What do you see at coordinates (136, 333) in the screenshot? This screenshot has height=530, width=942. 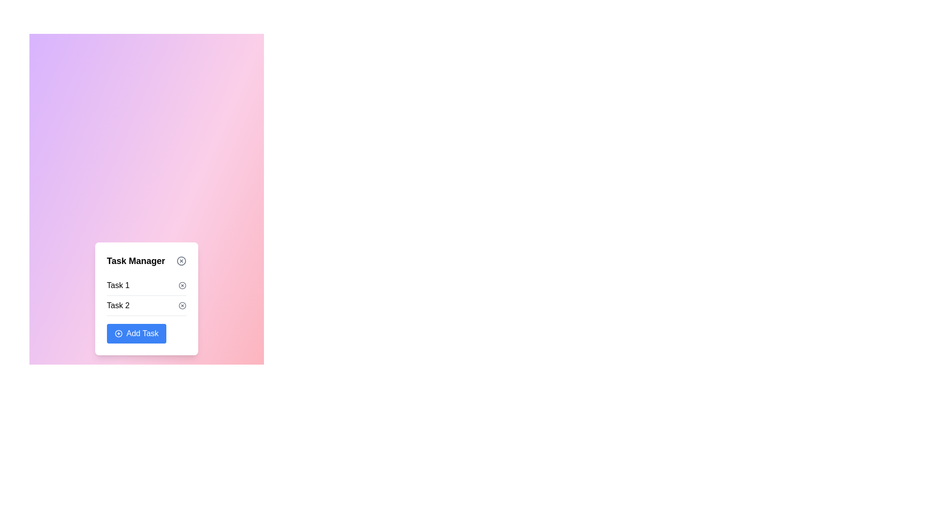 I see `the 'Add Task' button to add a new task` at bounding box center [136, 333].